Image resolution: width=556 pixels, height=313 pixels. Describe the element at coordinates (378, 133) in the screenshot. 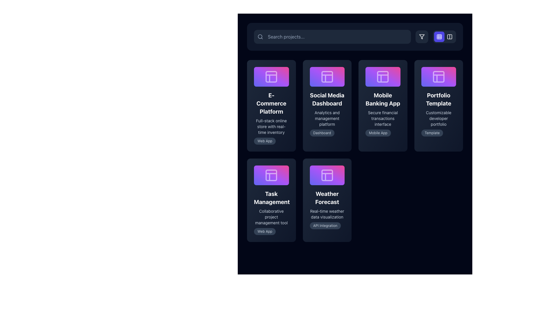

I see `the text of the oval-shaped label with a dark slate gray background and light gray text reading 'Mobile App', positioned below the 'Mobile Banking App' card in the third column of the card grid layout` at that location.